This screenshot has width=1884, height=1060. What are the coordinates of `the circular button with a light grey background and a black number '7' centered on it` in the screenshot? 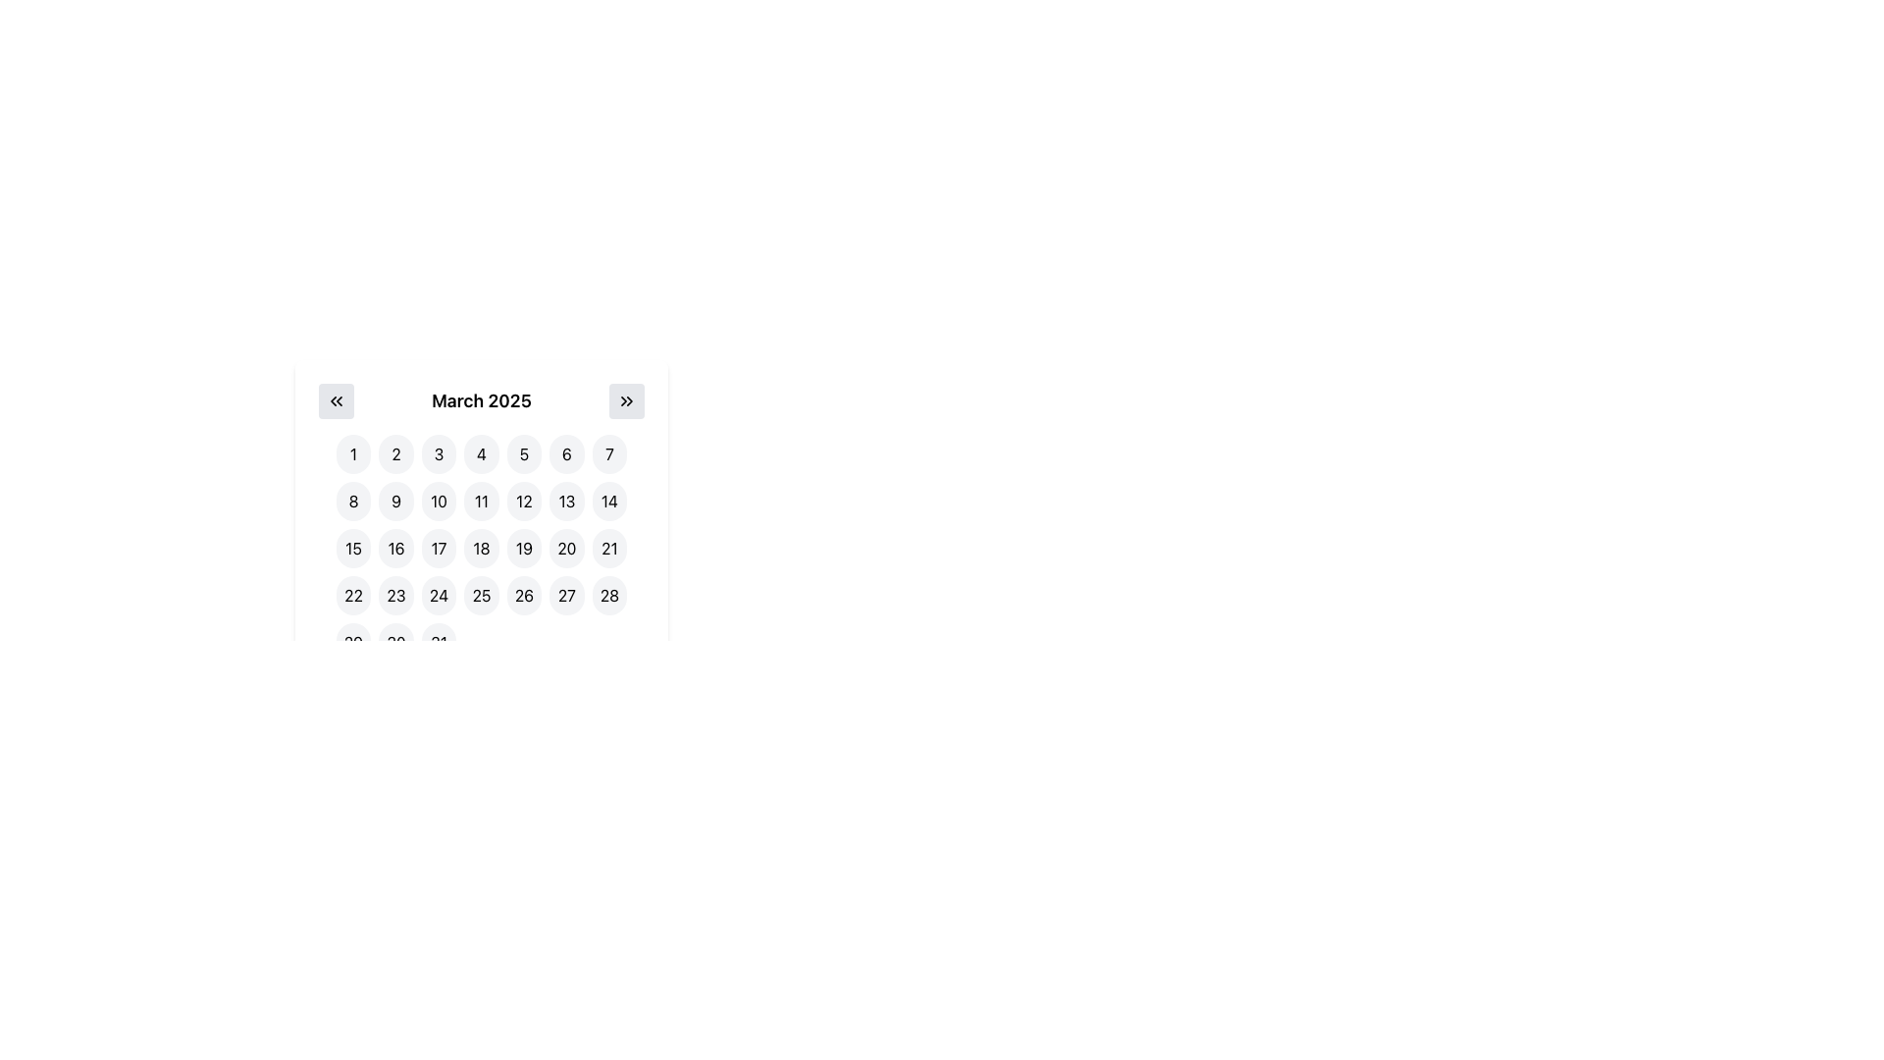 It's located at (608, 453).